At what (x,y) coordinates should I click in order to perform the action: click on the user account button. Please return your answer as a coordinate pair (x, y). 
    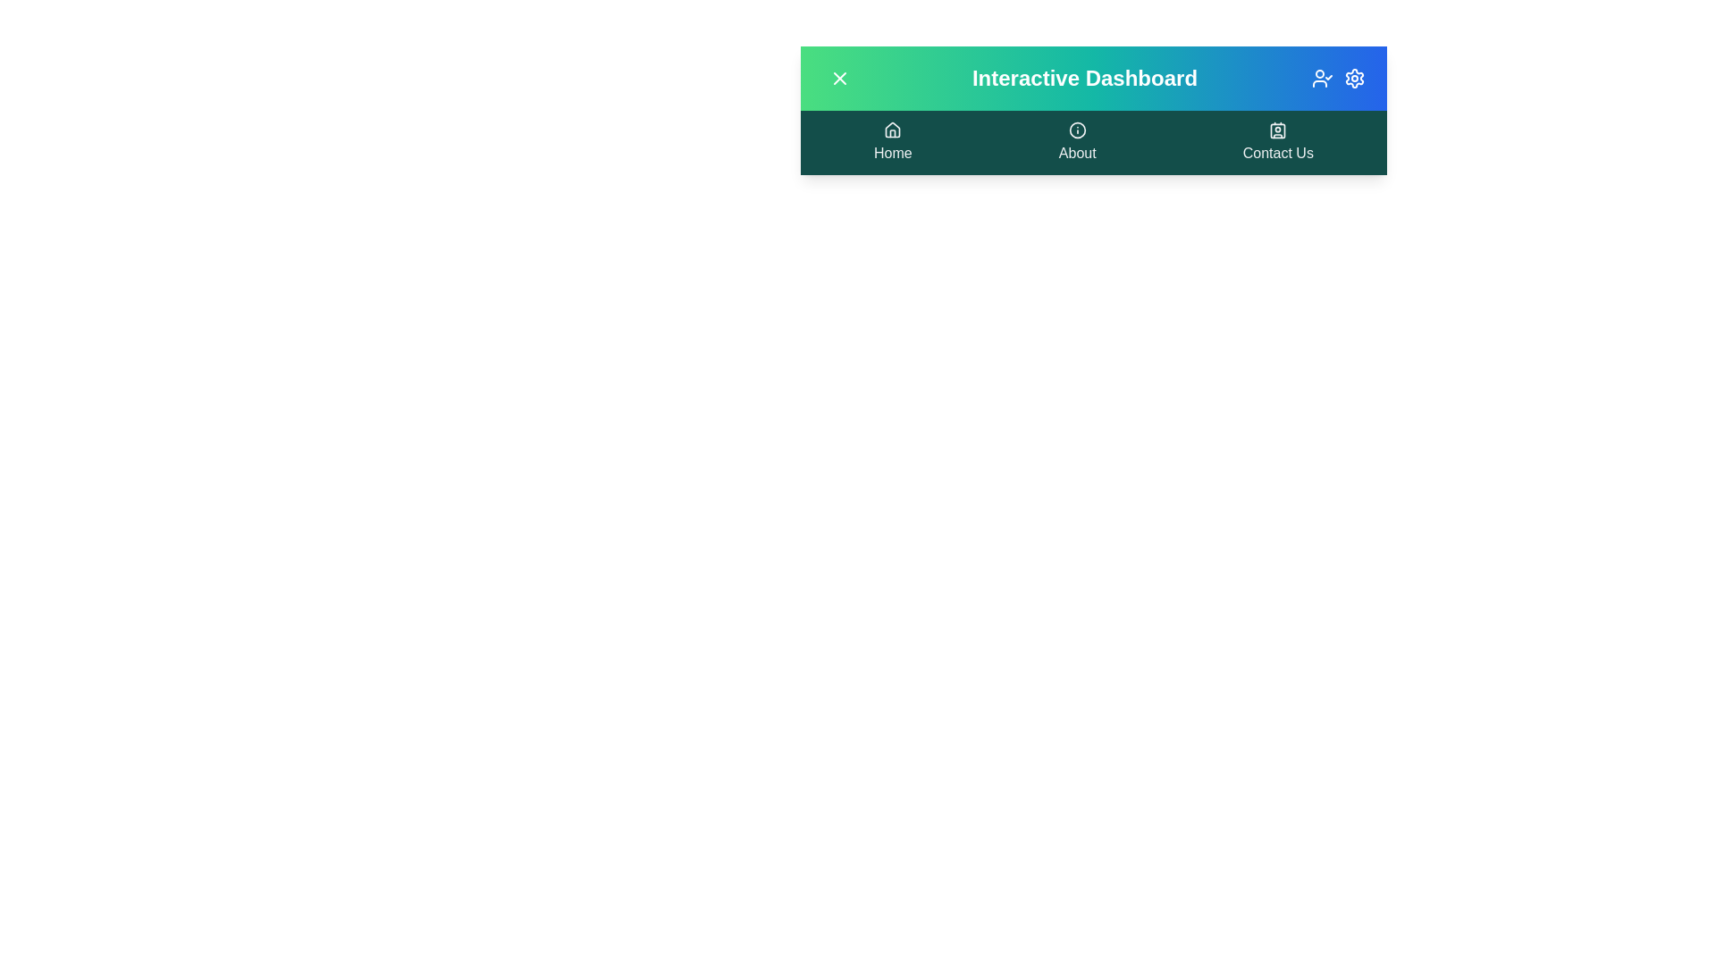
    Looking at the image, I should click on (1322, 78).